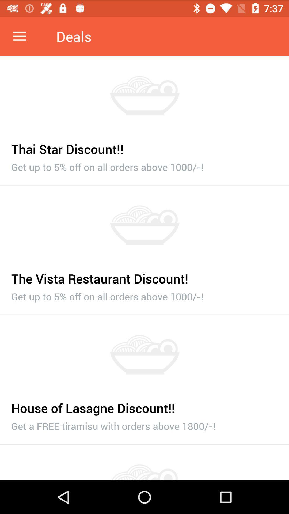 This screenshot has height=514, width=289. I want to click on item above the get up to item, so click(144, 146).